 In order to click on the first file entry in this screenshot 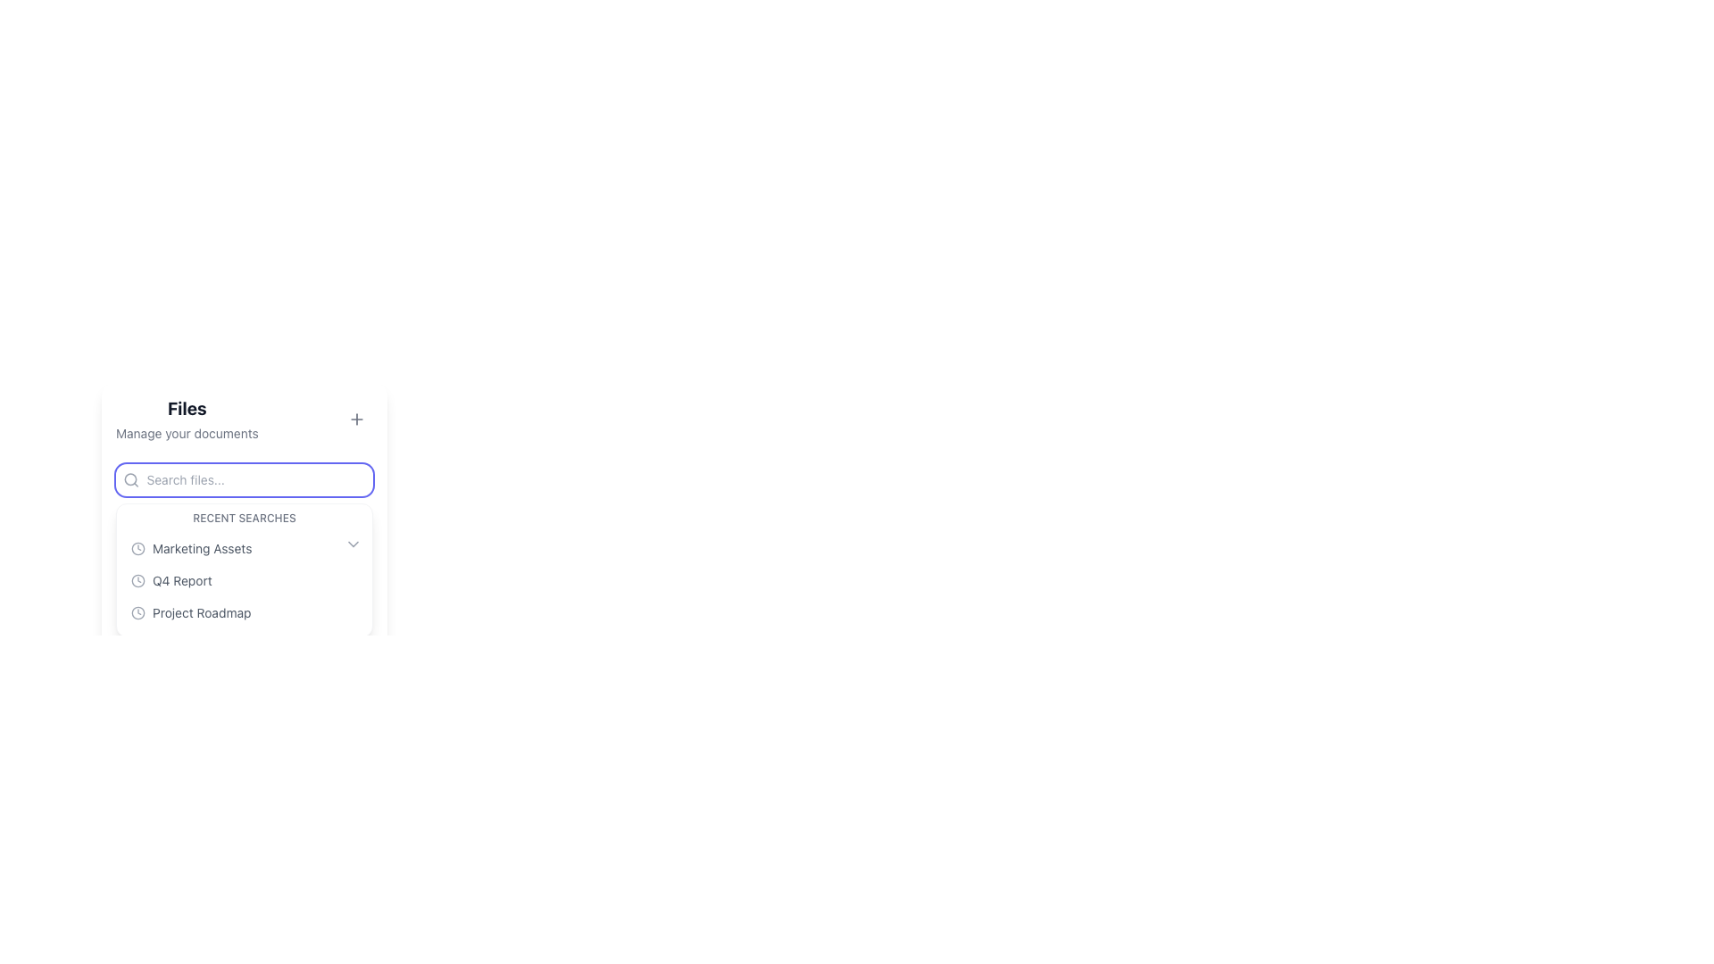, I will do `click(238, 860)`.